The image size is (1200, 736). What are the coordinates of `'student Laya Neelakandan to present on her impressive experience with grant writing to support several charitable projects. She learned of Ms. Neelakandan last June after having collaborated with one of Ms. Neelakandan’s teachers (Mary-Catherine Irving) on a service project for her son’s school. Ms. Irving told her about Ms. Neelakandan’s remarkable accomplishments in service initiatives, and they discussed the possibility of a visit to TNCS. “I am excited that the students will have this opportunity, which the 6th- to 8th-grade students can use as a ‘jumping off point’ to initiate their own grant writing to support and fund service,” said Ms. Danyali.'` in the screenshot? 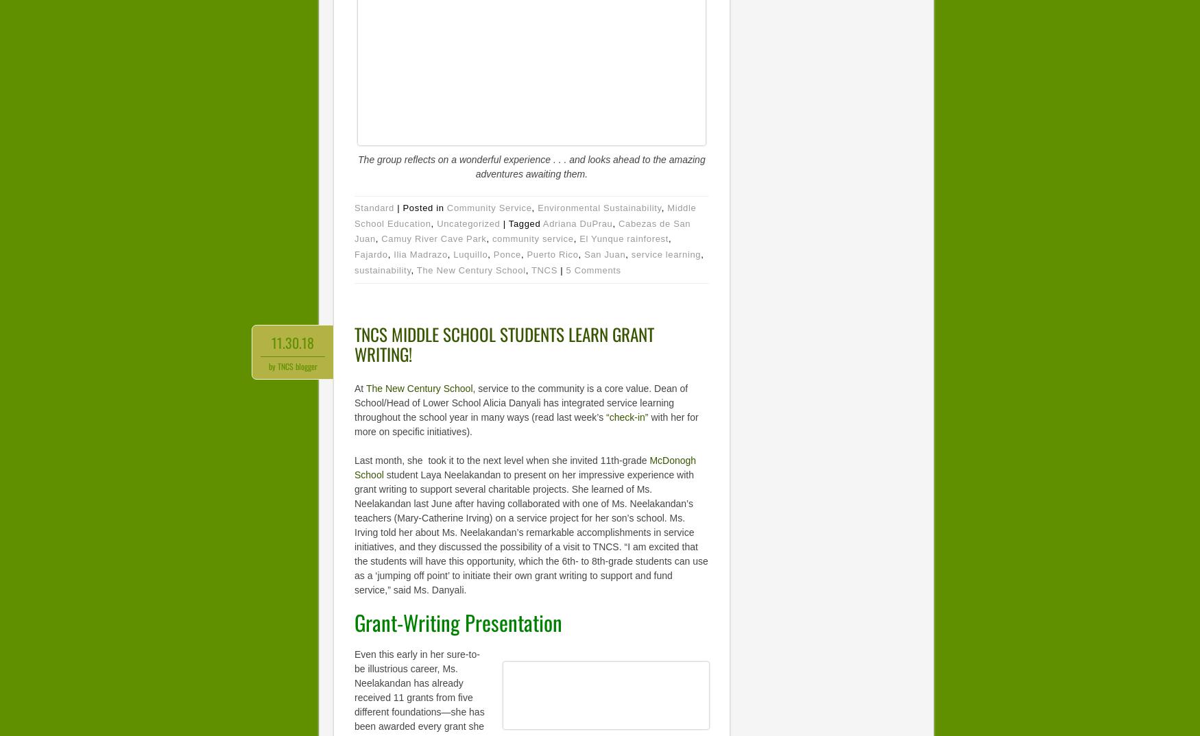 It's located at (530, 530).